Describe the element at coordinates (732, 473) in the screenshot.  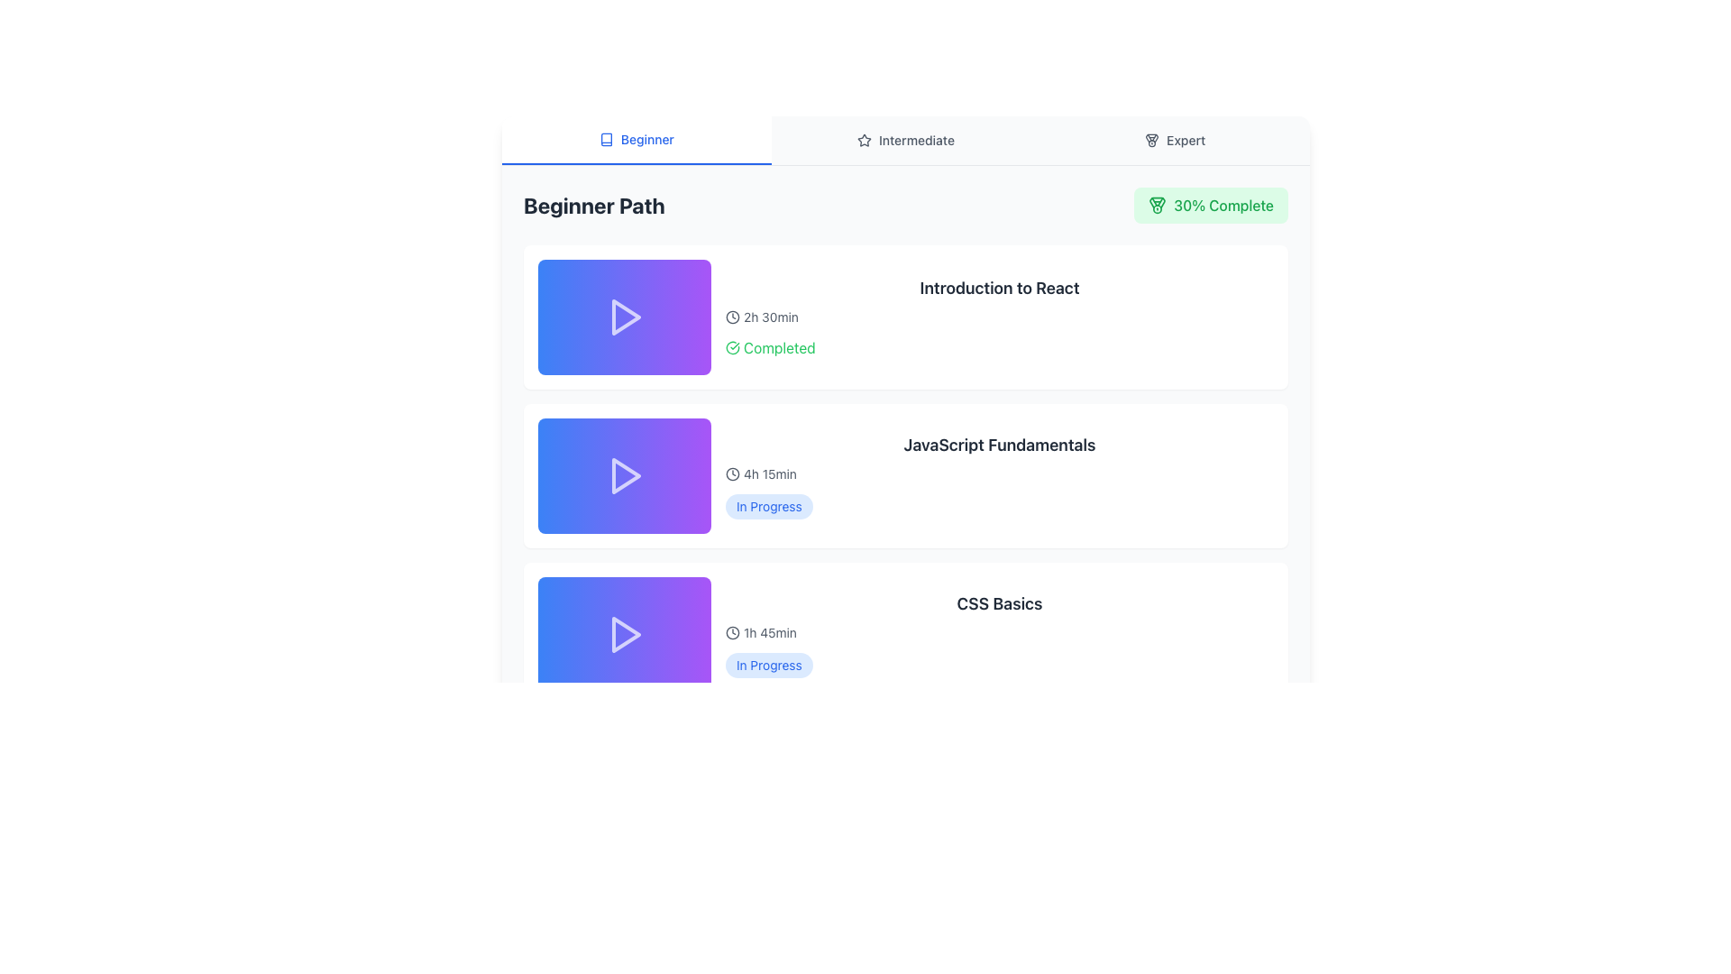
I see `the clock icon element, which is a minimalistic design with a circular outline and two hands, located to the left of the '4h 15min' text in the 'JavaScript Fundamentals' card` at that location.